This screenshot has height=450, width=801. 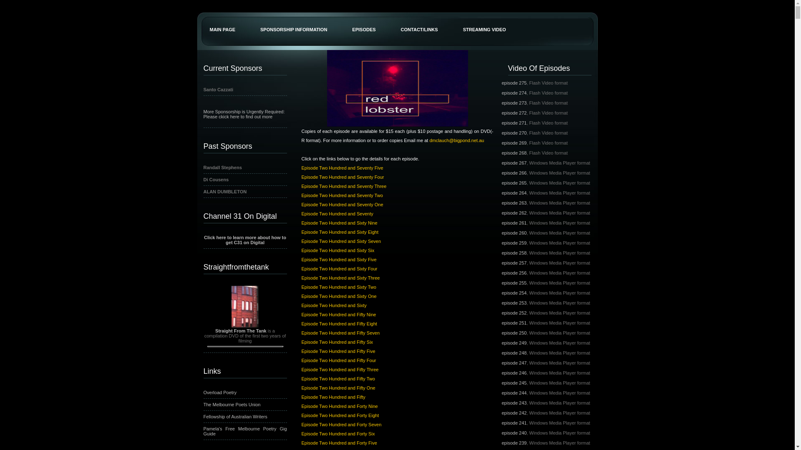 I want to click on 'Episode Two Hundred and Seventy One', so click(x=342, y=204).